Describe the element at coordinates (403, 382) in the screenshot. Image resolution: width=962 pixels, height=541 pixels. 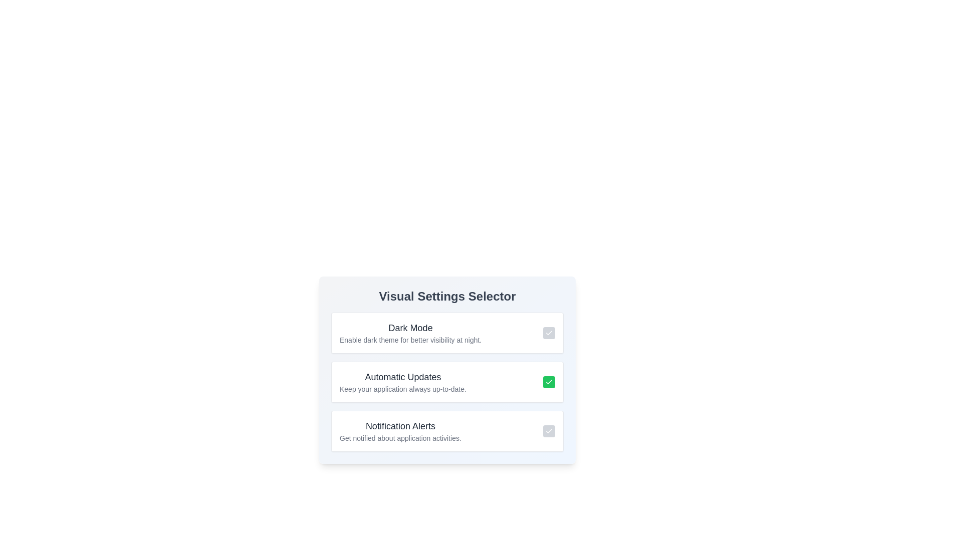
I see `the toggle button adjacent to the Informational text block about automatic updates, located in the second card of the 'Visual Settings Selector'` at that location.